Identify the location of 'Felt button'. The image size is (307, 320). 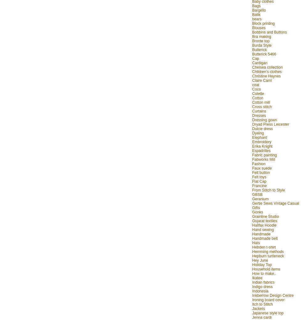
(261, 172).